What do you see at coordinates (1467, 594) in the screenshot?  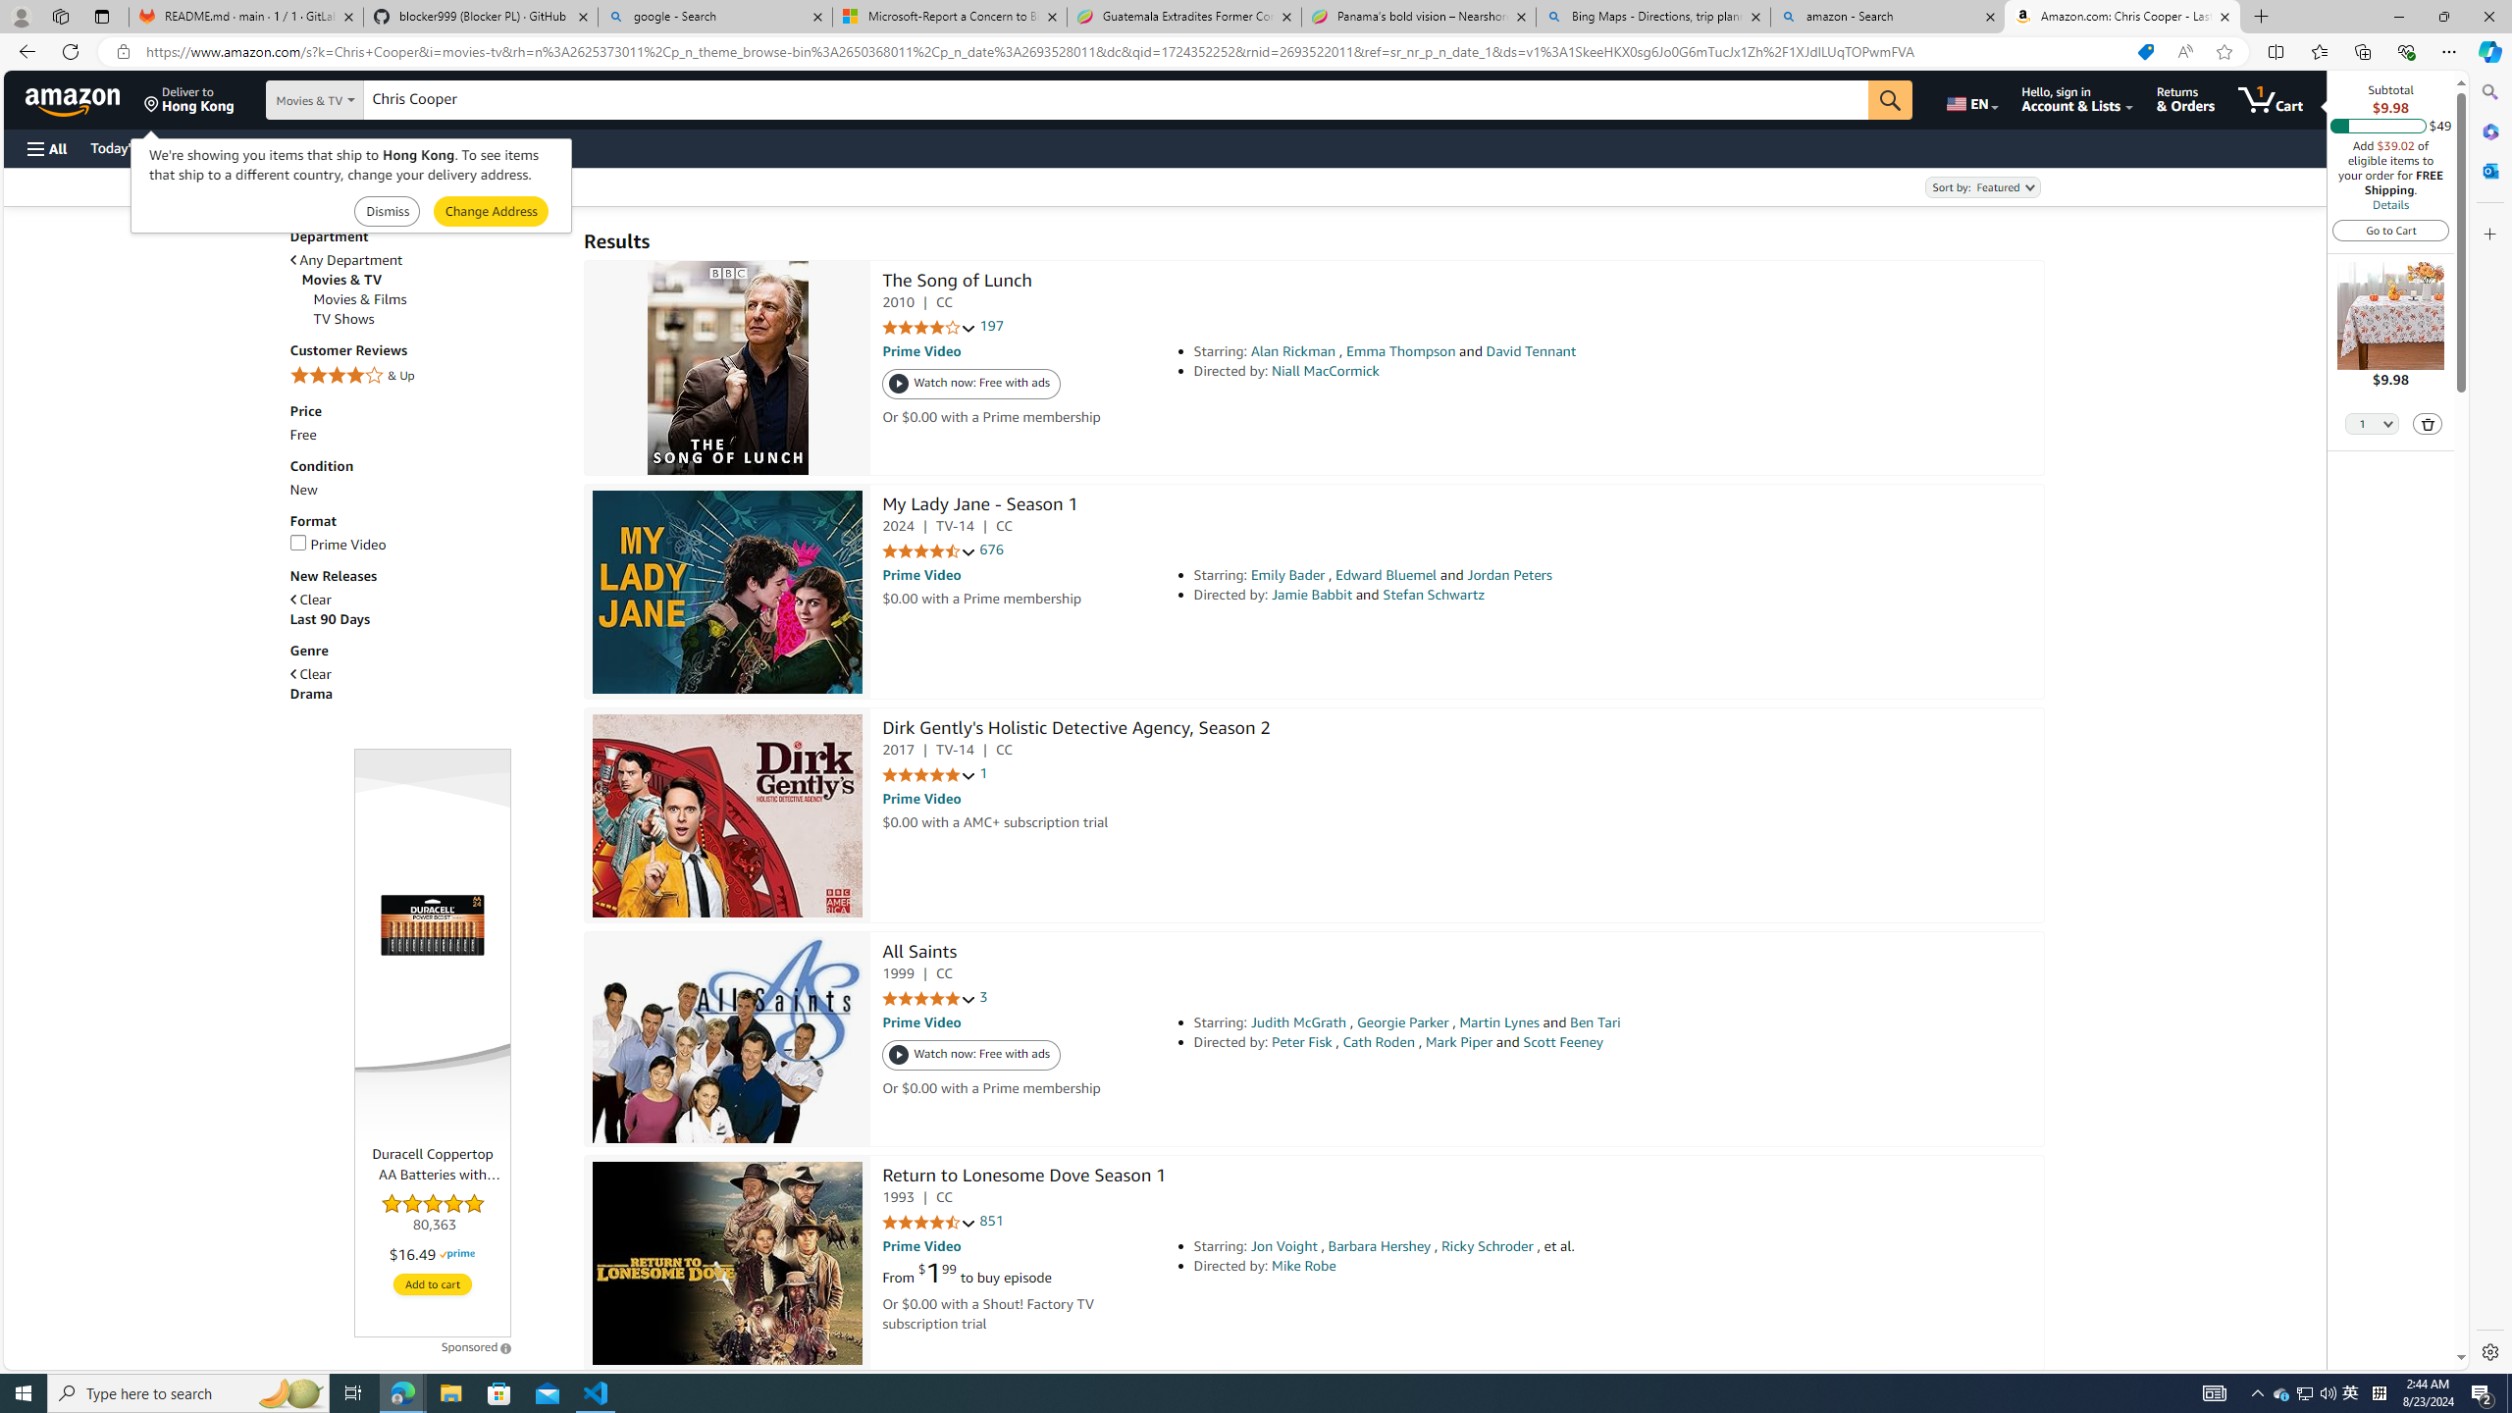 I see `'Directed by: Jamie Babbit and Stefan Schwartz'` at bounding box center [1467, 594].